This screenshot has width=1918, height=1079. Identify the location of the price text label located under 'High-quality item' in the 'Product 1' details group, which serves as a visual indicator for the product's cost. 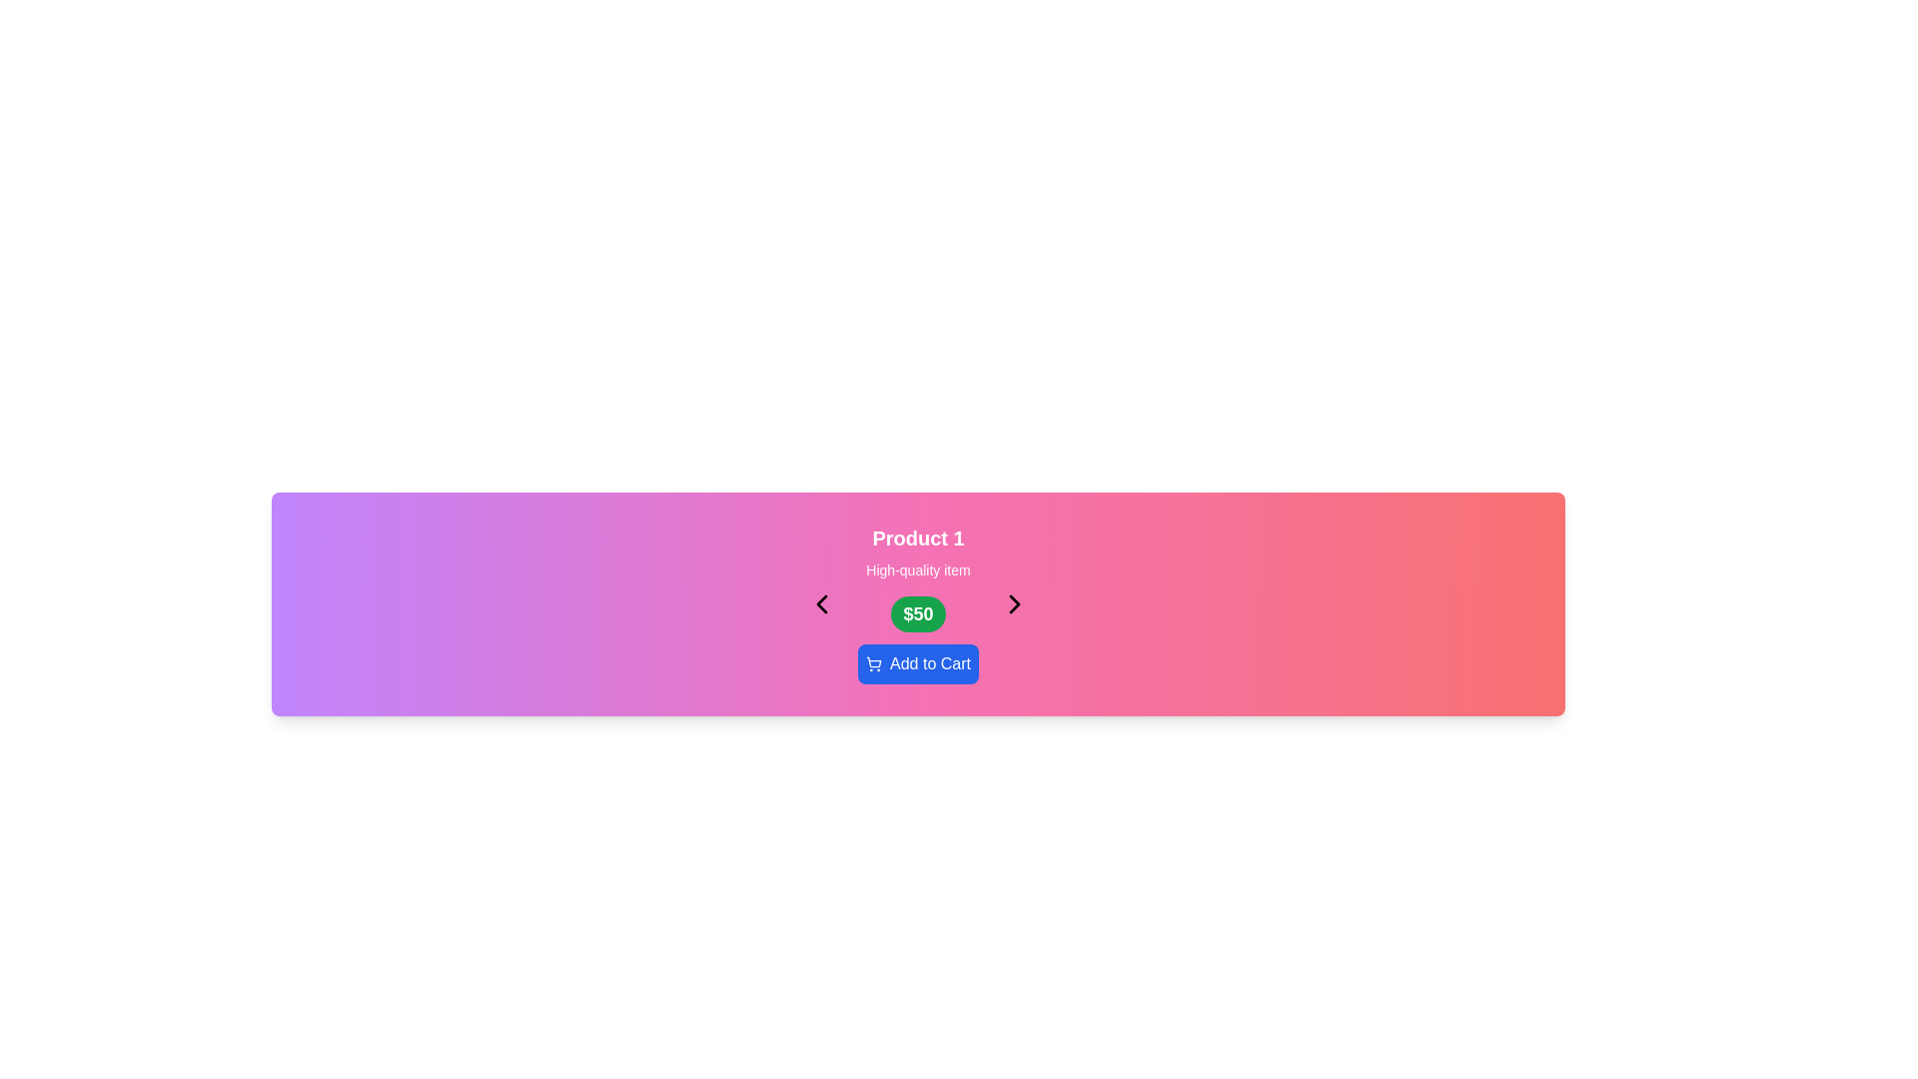
(917, 612).